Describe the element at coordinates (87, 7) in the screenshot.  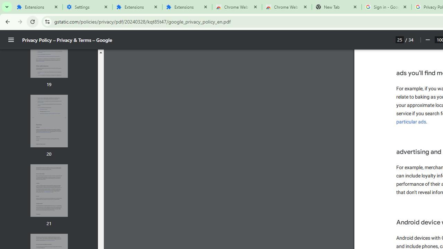
I see `'Settings'` at that location.